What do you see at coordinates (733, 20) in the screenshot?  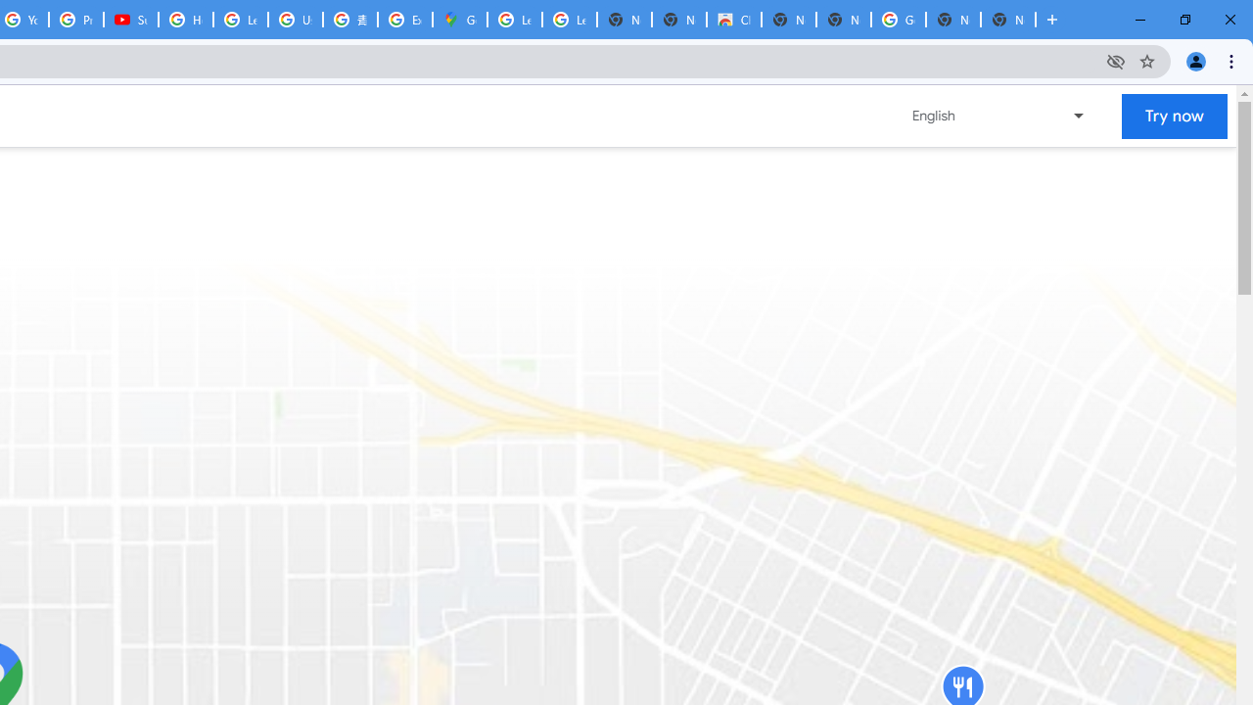 I see `'Chrome Web Store'` at bounding box center [733, 20].